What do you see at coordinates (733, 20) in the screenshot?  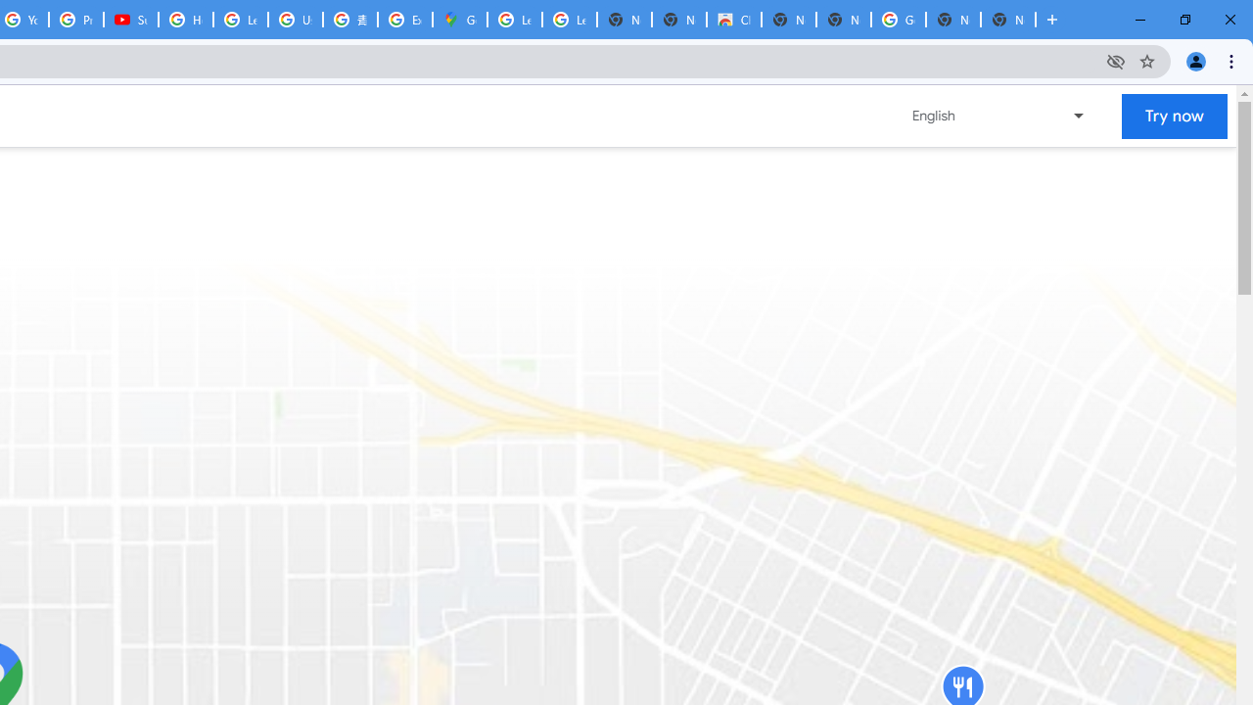 I see `'Chrome Web Store'` at bounding box center [733, 20].